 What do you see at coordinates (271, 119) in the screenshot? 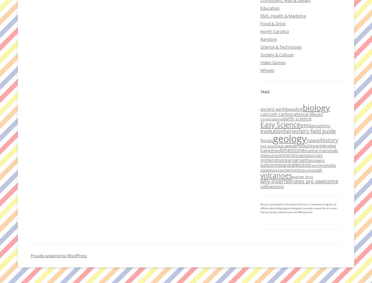
I see `'corporations'` at bounding box center [271, 119].